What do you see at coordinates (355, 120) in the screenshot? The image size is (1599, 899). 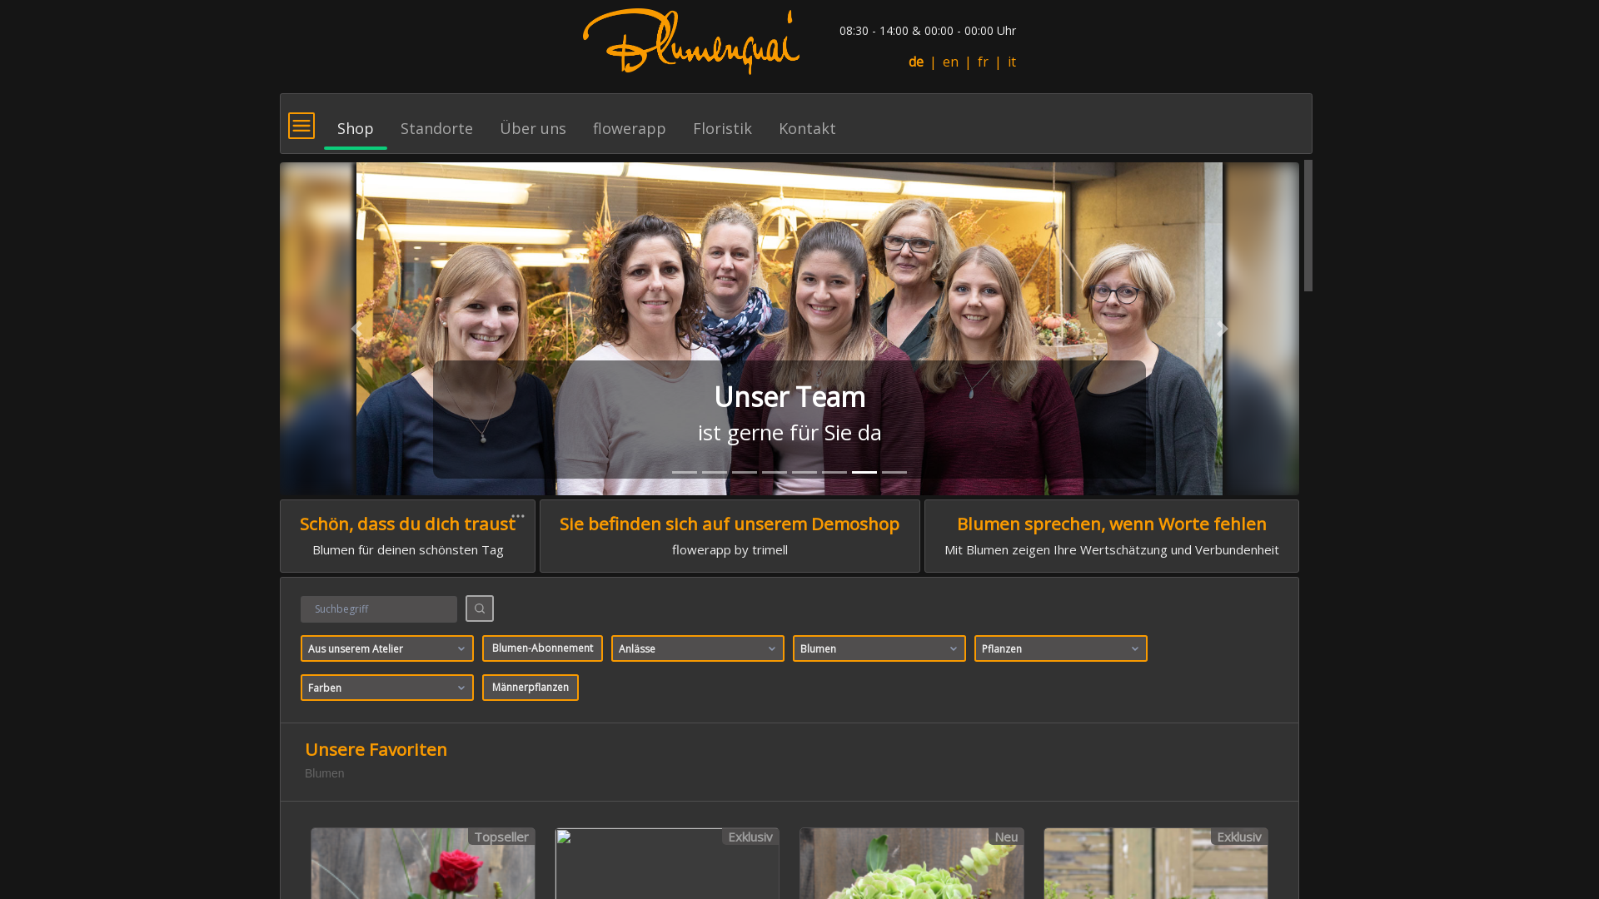 I see `'Shop'` at bounding box center [355, 120].